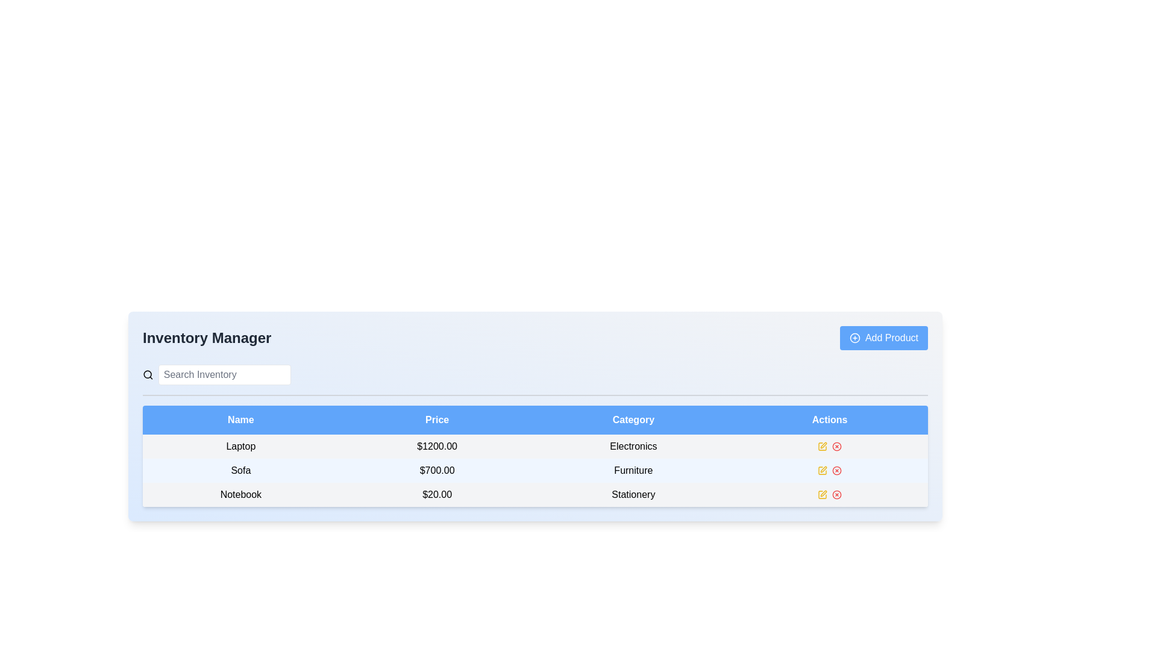 The height and width of the screenshot is (651, 1157). Describe the element at coordinates (823, 469) in the screenshot. I see `the pen icon located in the 'Actions' column of the table representing the 'Sofa' item` at that location.